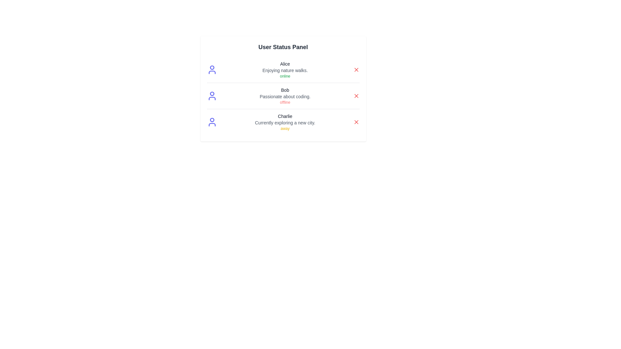 The width and height of the screenshot is (621, 349). I want to click on the lower portion of the user profile icon representing the torso for the user 'Bob', so click(212, 98).